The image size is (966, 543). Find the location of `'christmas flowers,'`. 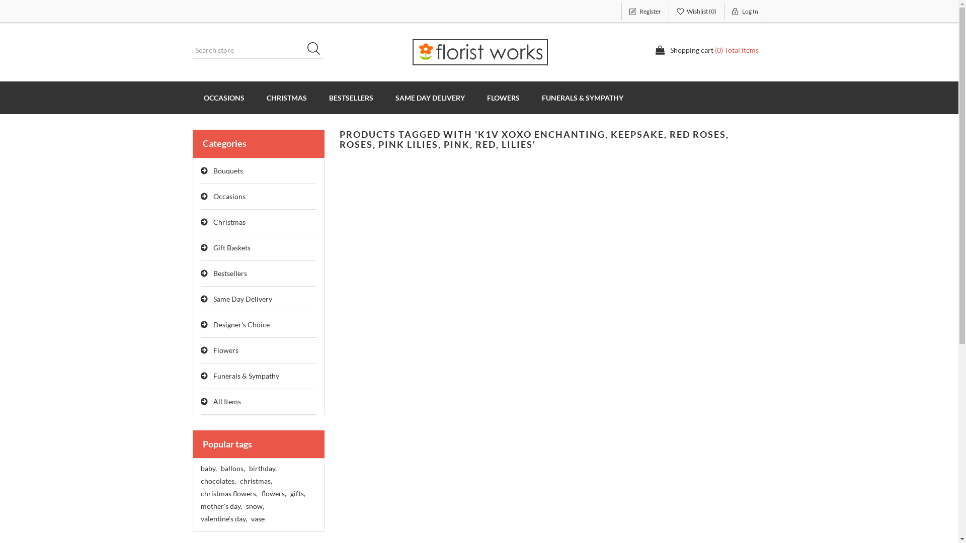

'christmas flowers,' is located at coordinates (228, 493).